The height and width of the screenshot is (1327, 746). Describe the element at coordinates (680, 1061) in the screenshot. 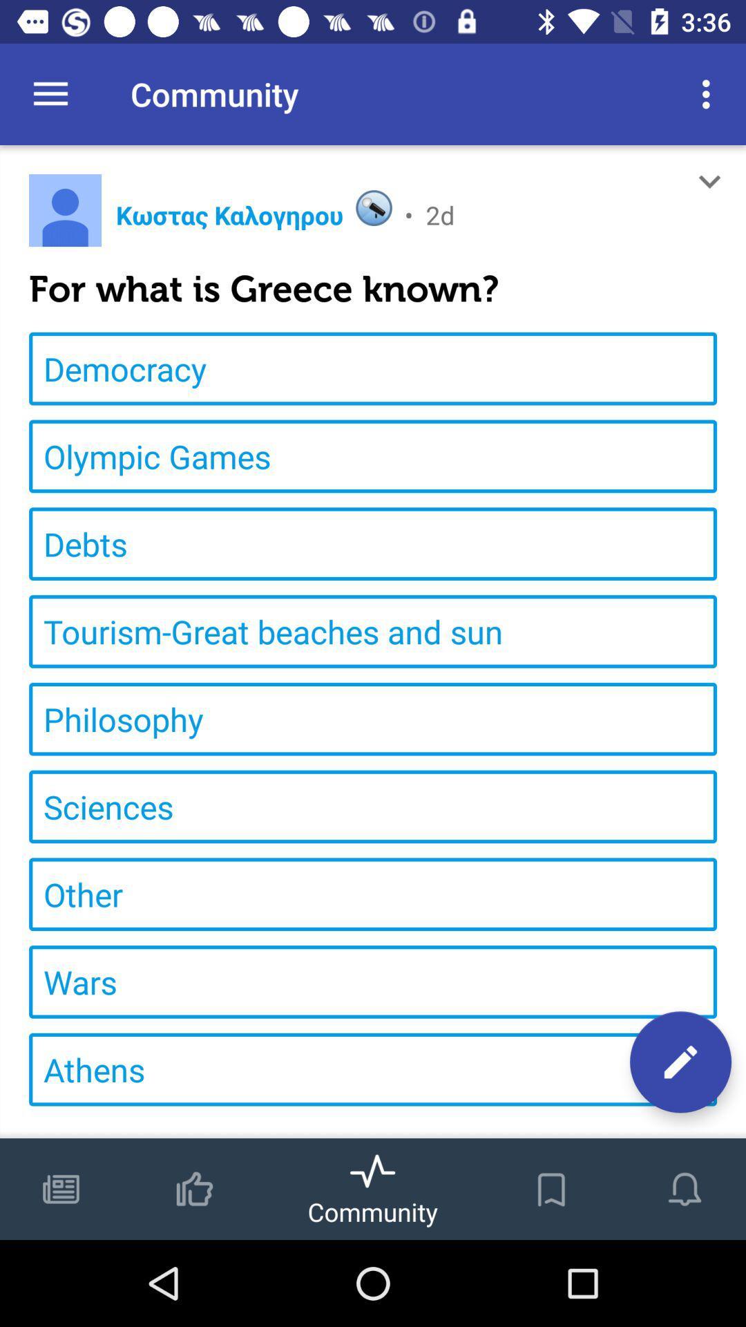

I see `the edit icon` at that location.